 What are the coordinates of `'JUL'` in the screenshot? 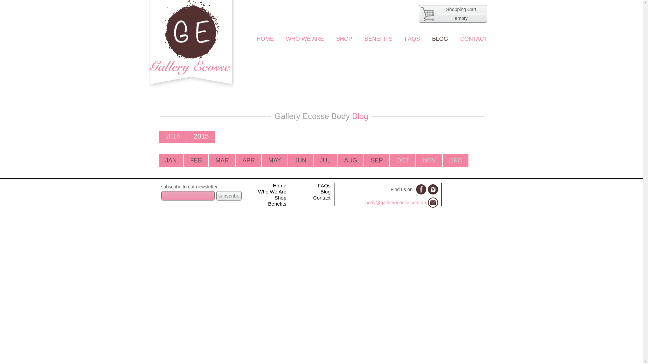 It's located at (325, 160).